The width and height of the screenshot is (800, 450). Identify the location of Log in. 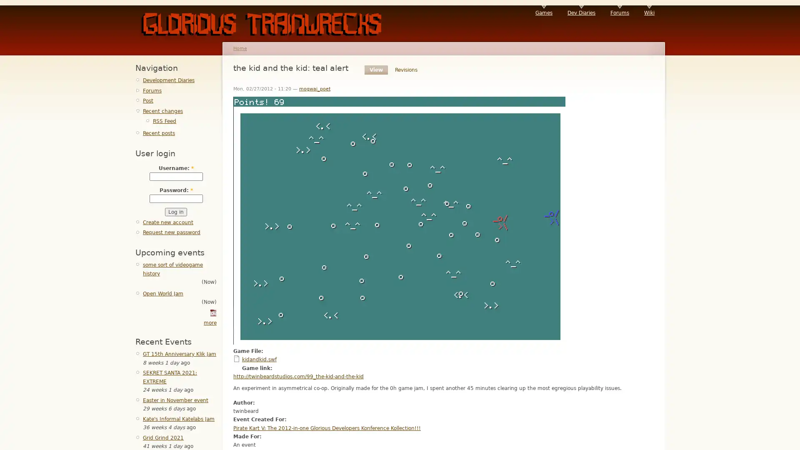
(175, 212).